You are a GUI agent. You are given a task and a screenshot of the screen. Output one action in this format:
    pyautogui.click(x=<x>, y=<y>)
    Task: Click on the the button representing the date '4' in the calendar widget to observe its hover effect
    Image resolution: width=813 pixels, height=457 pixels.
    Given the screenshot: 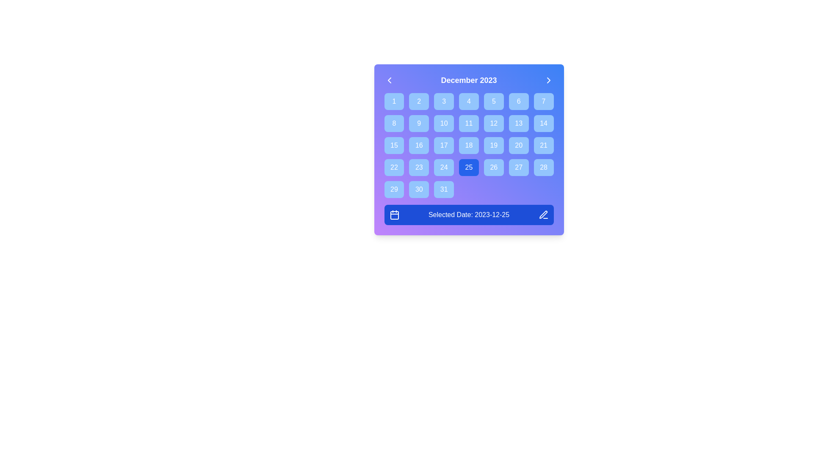 What is the action you would take?
    pyautogui.click(x=468, y=101)
    